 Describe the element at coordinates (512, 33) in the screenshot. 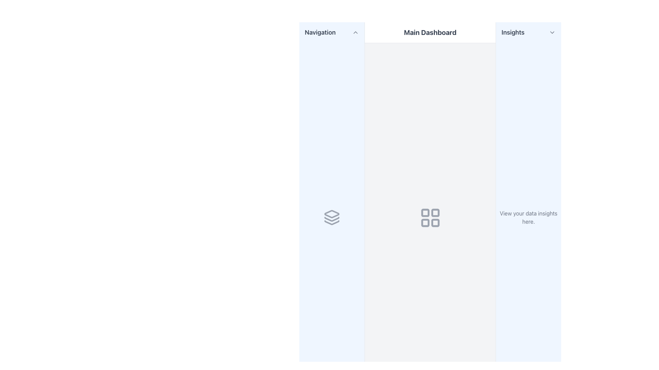

I see `the 'Insights' Static Text Label located in the top-right section of the interface, which is displayed in bold gray font and is positioned to the left of an interactive arrow icon` at that location.